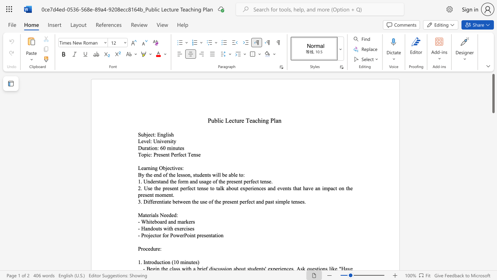 This screenshot has width=497, height=280. I want to click on the page's right scrollbar for downward movement, so click(493, 226).